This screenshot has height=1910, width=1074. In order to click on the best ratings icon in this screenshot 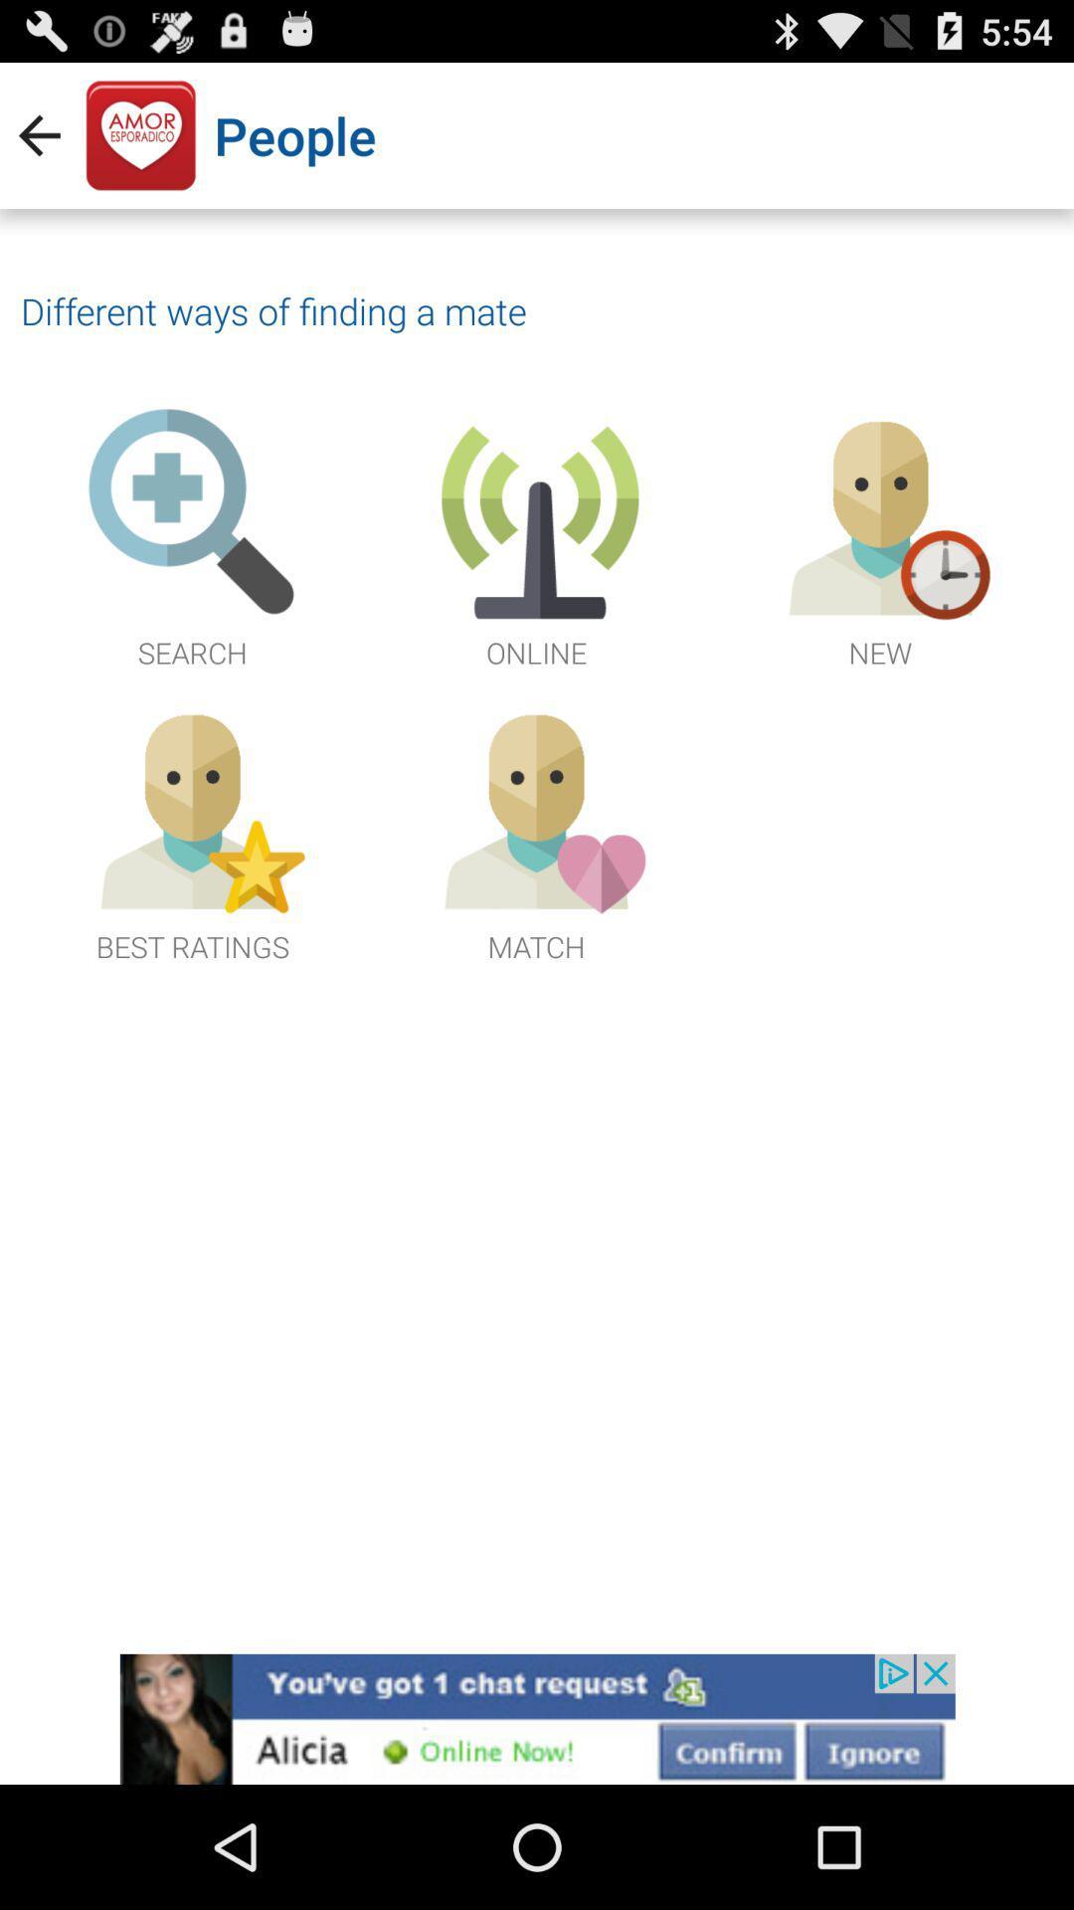, I will do `click(192, 832)`.